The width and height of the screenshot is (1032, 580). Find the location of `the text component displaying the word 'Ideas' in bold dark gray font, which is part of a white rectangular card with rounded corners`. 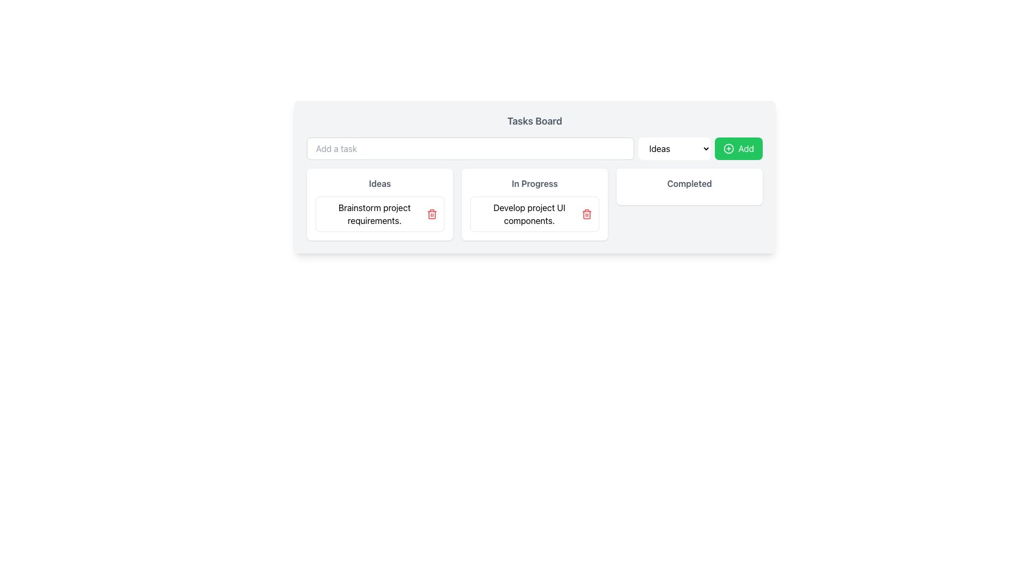

the text component displaying the word 'Ideas' in bold dark gray font, which is part of a white rectangular card with rounded corners is located at coordinates (379, 183).